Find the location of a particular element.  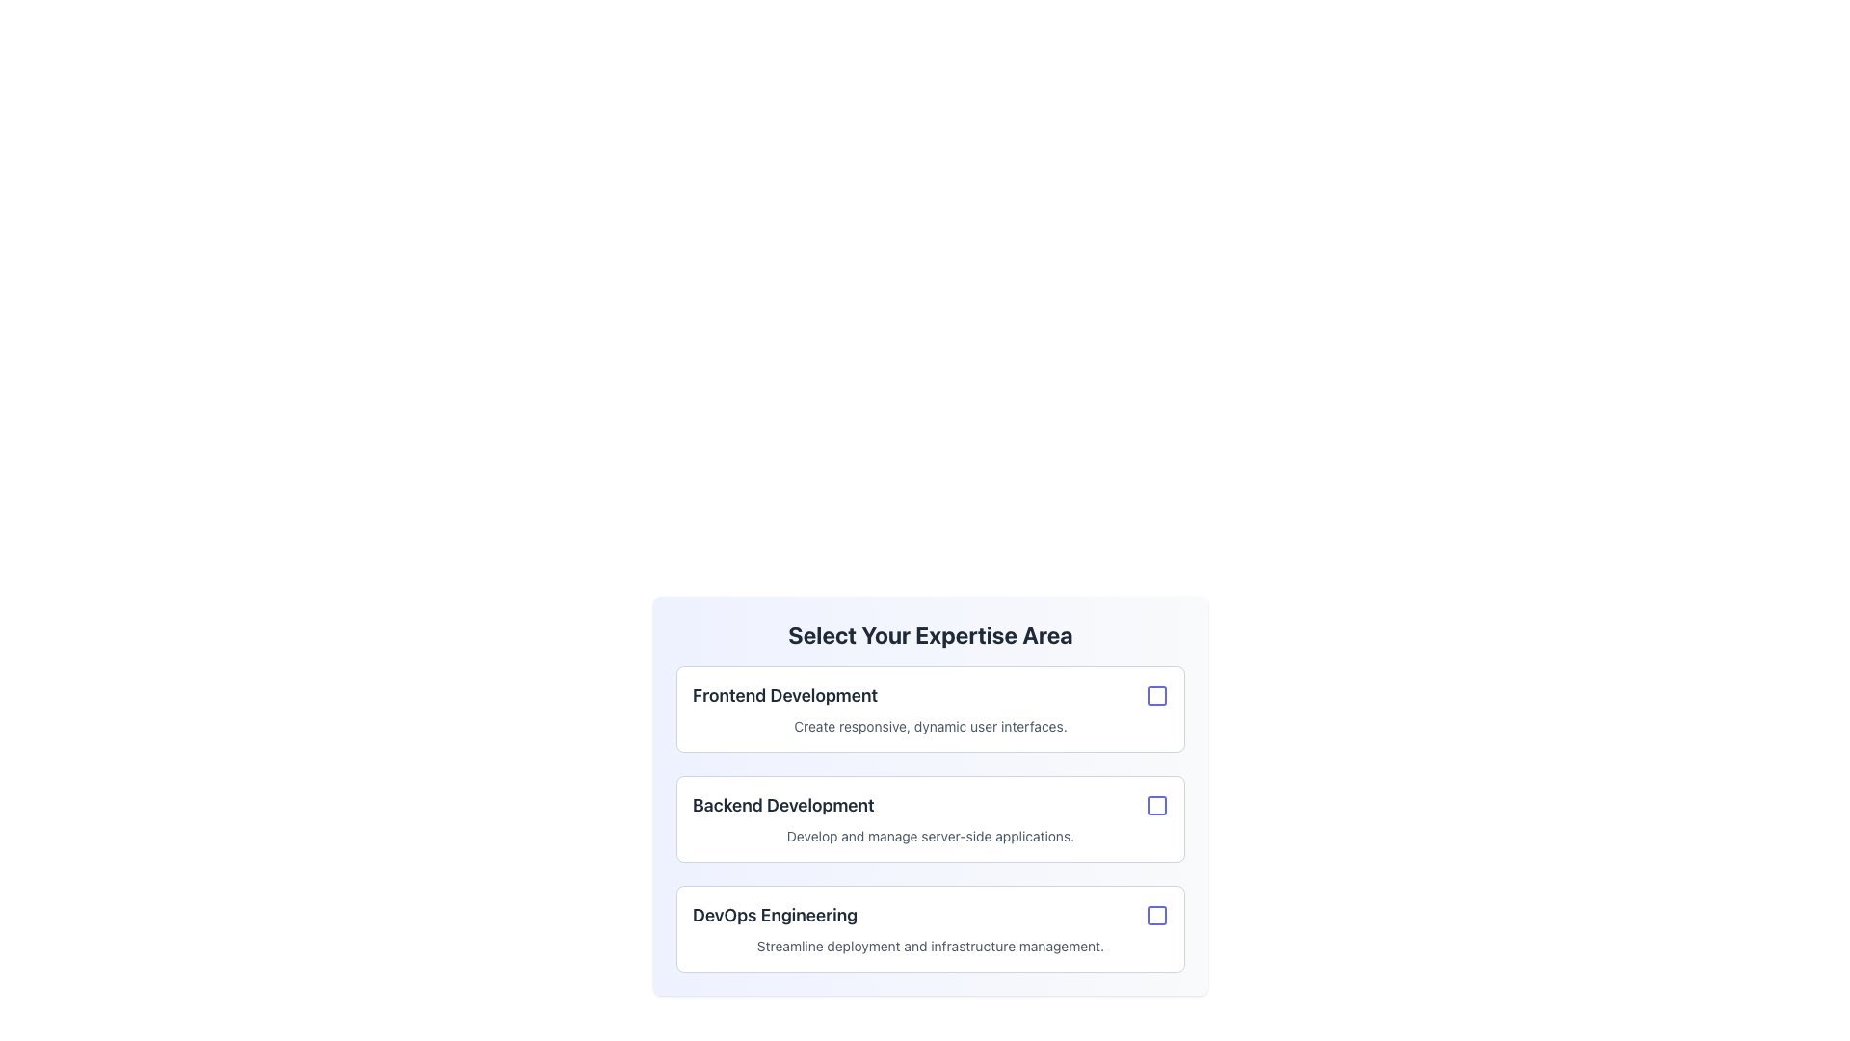

the text label reading 'DevOps Engineering' in bold gray font, located in the lower section of the 'Select Your Expertise Area' interface, specifically in the third card for expertise selection is located at coordinates (775, 914).